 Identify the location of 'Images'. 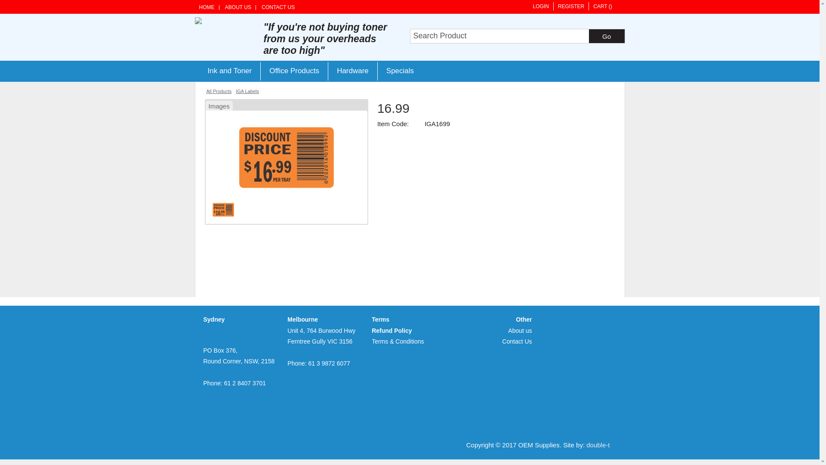
(219, 105).